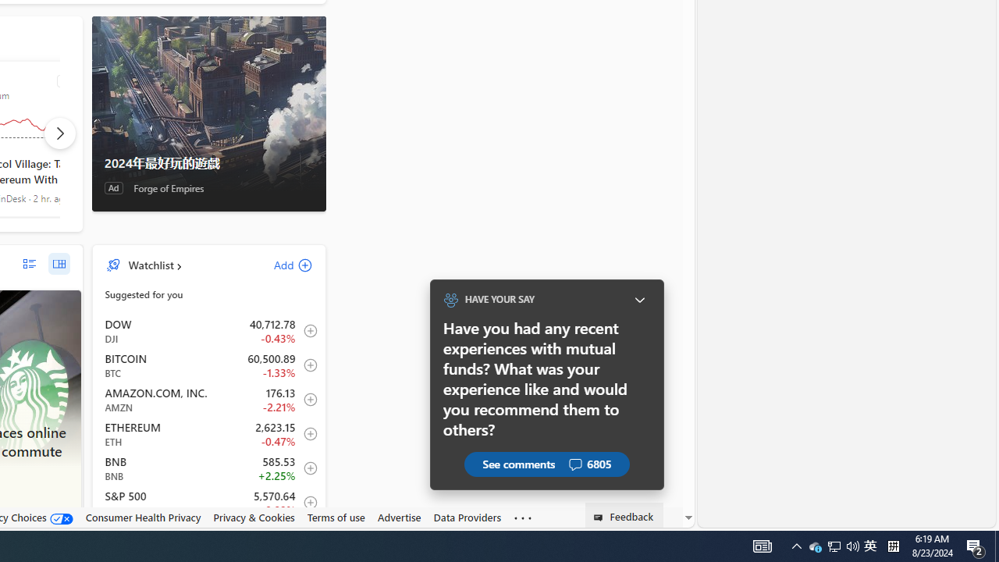  What do you see at coordinates (208, 399) in the screenshot?
I see `'AMZN AMAZON.COM, INC. decrease 176.13 -3.98 -2.21% item2'` at bounding box center [208, 399].